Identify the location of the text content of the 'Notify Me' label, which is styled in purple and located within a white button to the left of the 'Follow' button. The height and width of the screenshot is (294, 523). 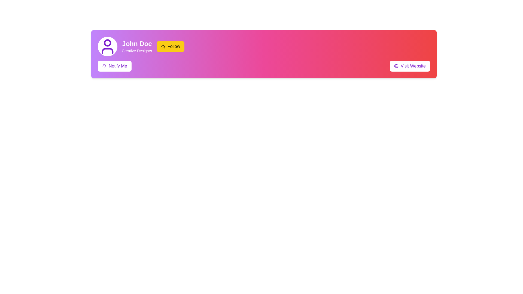
(117, 66).